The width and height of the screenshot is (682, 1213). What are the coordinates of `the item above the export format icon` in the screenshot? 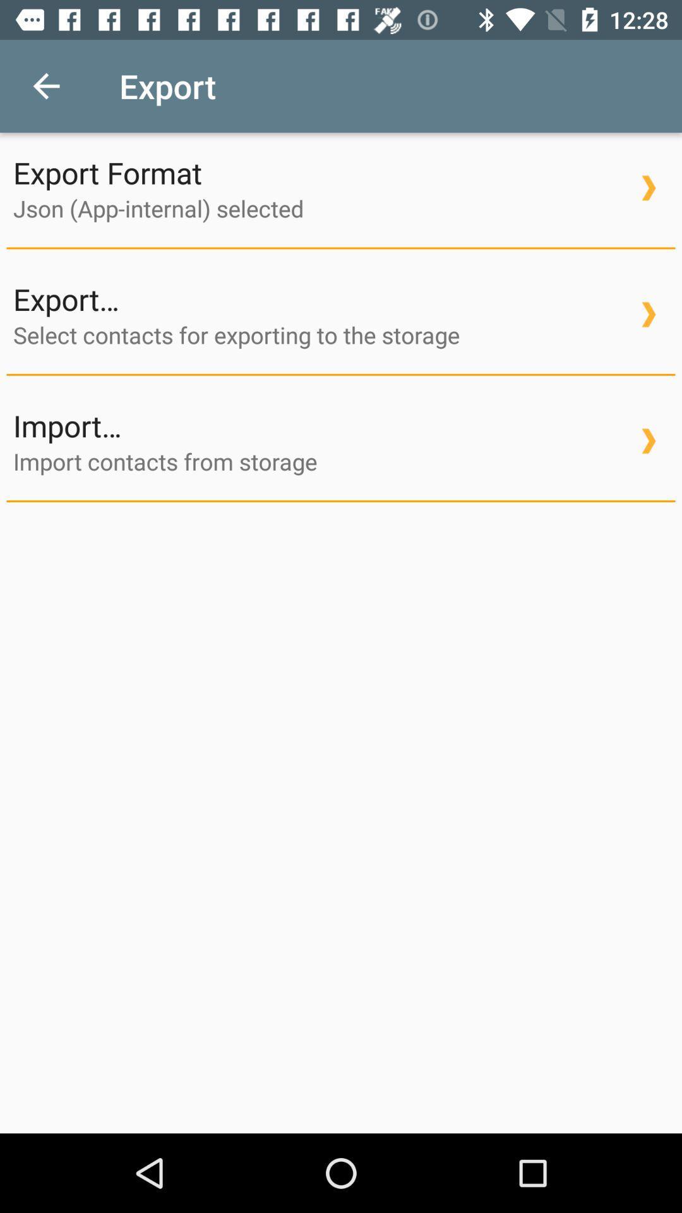 It's located at (45, 85).